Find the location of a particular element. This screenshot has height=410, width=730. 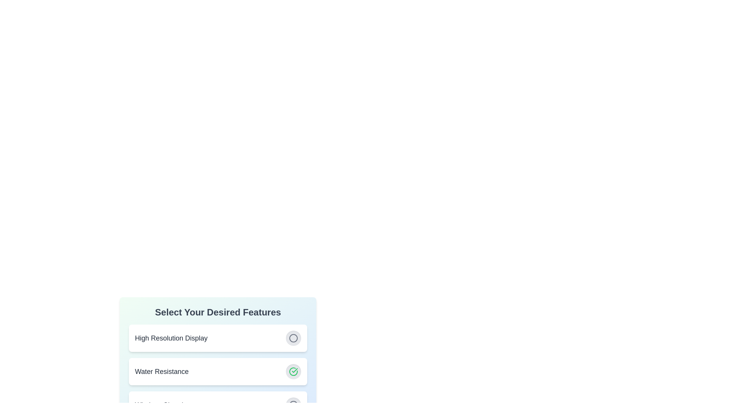

the green check icon within the rounded rectangular button is located at coordinates (293, 371).